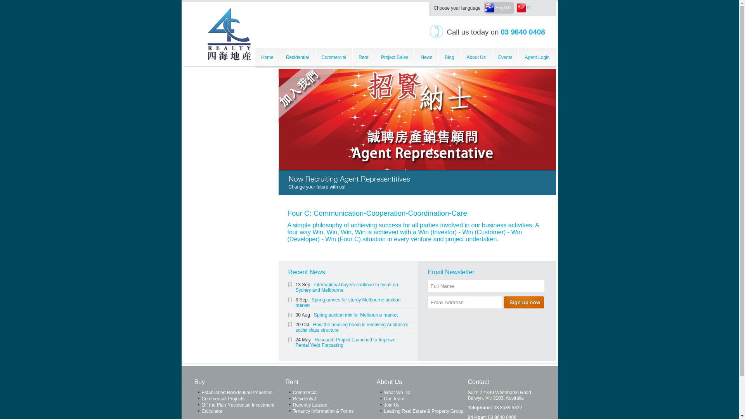  What do you see at coordinates (476, 58) in the screenshot?
I see `'About Us'` at bounding box center [476, 58].